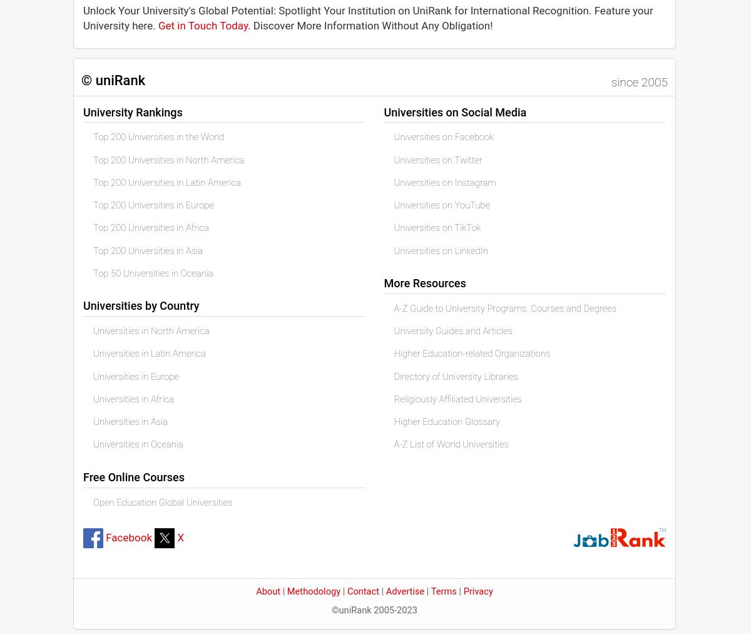  Describe the element at coordinates (451, 444) in the screenshot. I see `'A-Z List of World Universities'` at that location.